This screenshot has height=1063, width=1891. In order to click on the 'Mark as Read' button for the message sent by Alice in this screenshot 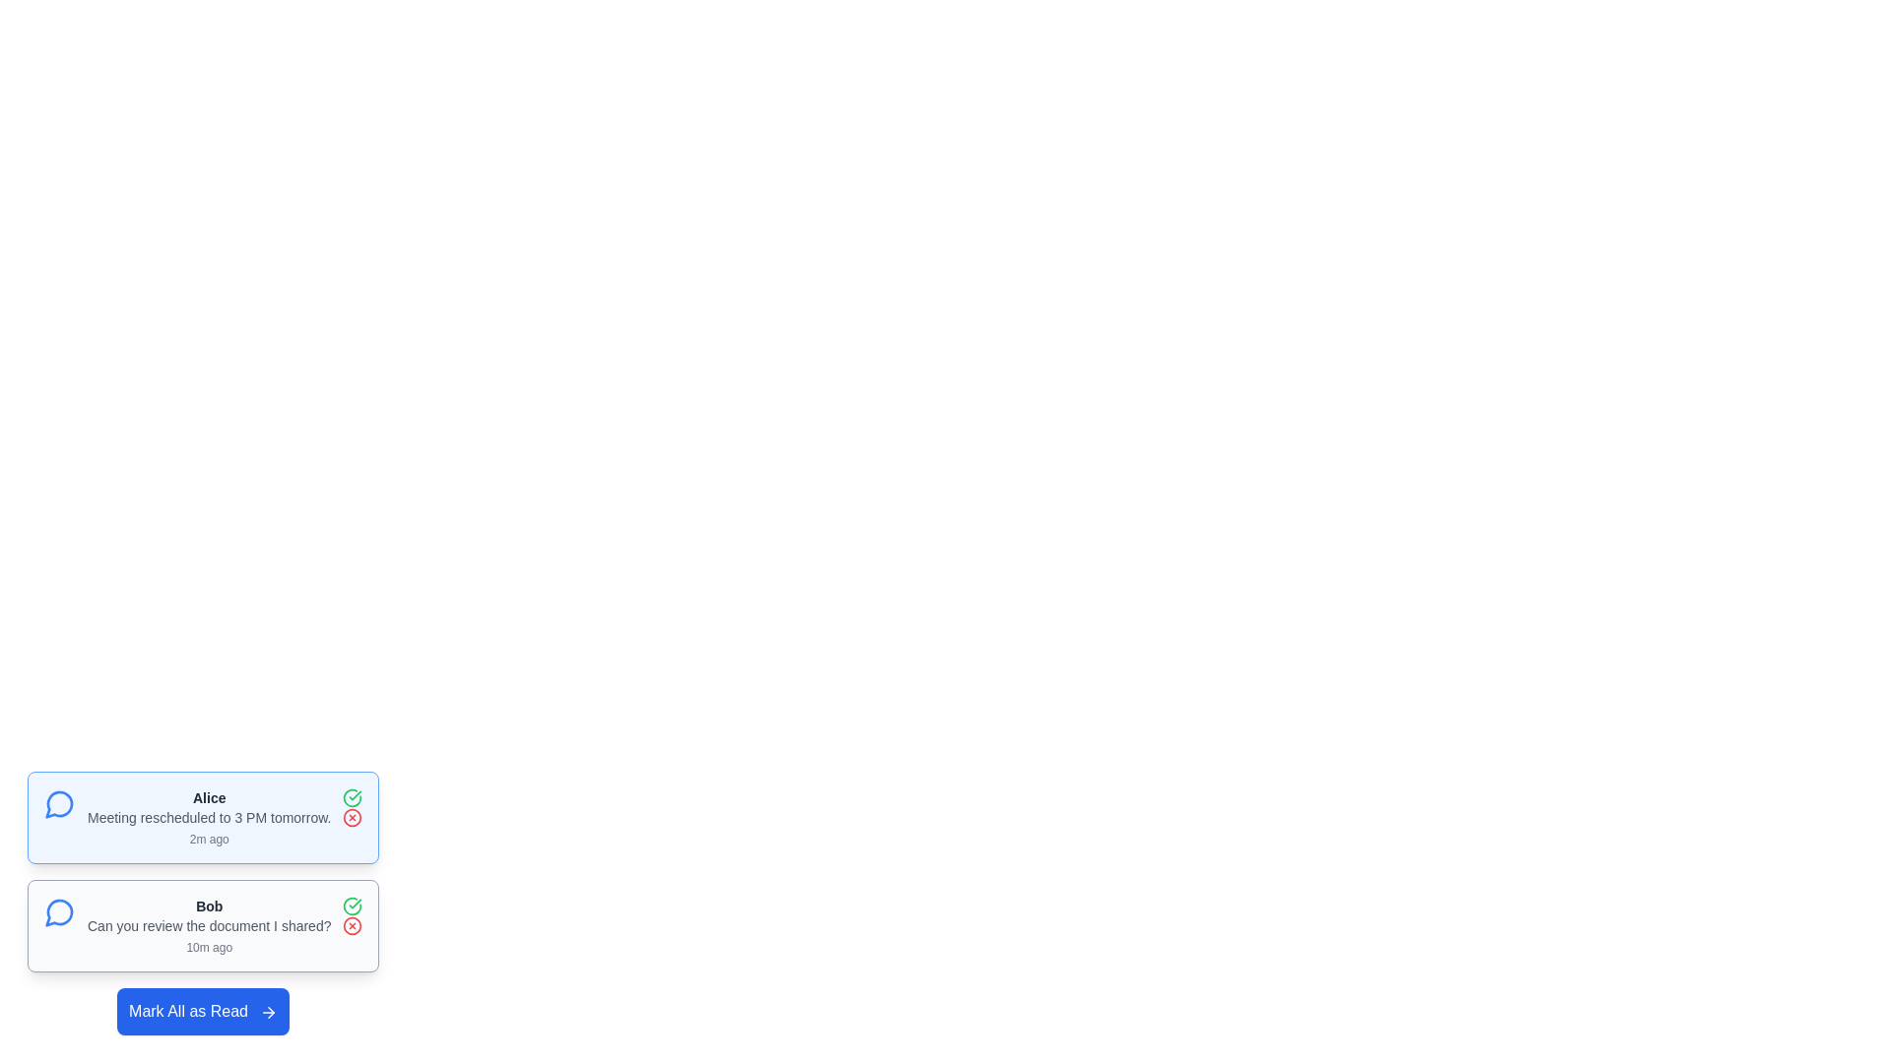, I will do `click(353, 797)`.